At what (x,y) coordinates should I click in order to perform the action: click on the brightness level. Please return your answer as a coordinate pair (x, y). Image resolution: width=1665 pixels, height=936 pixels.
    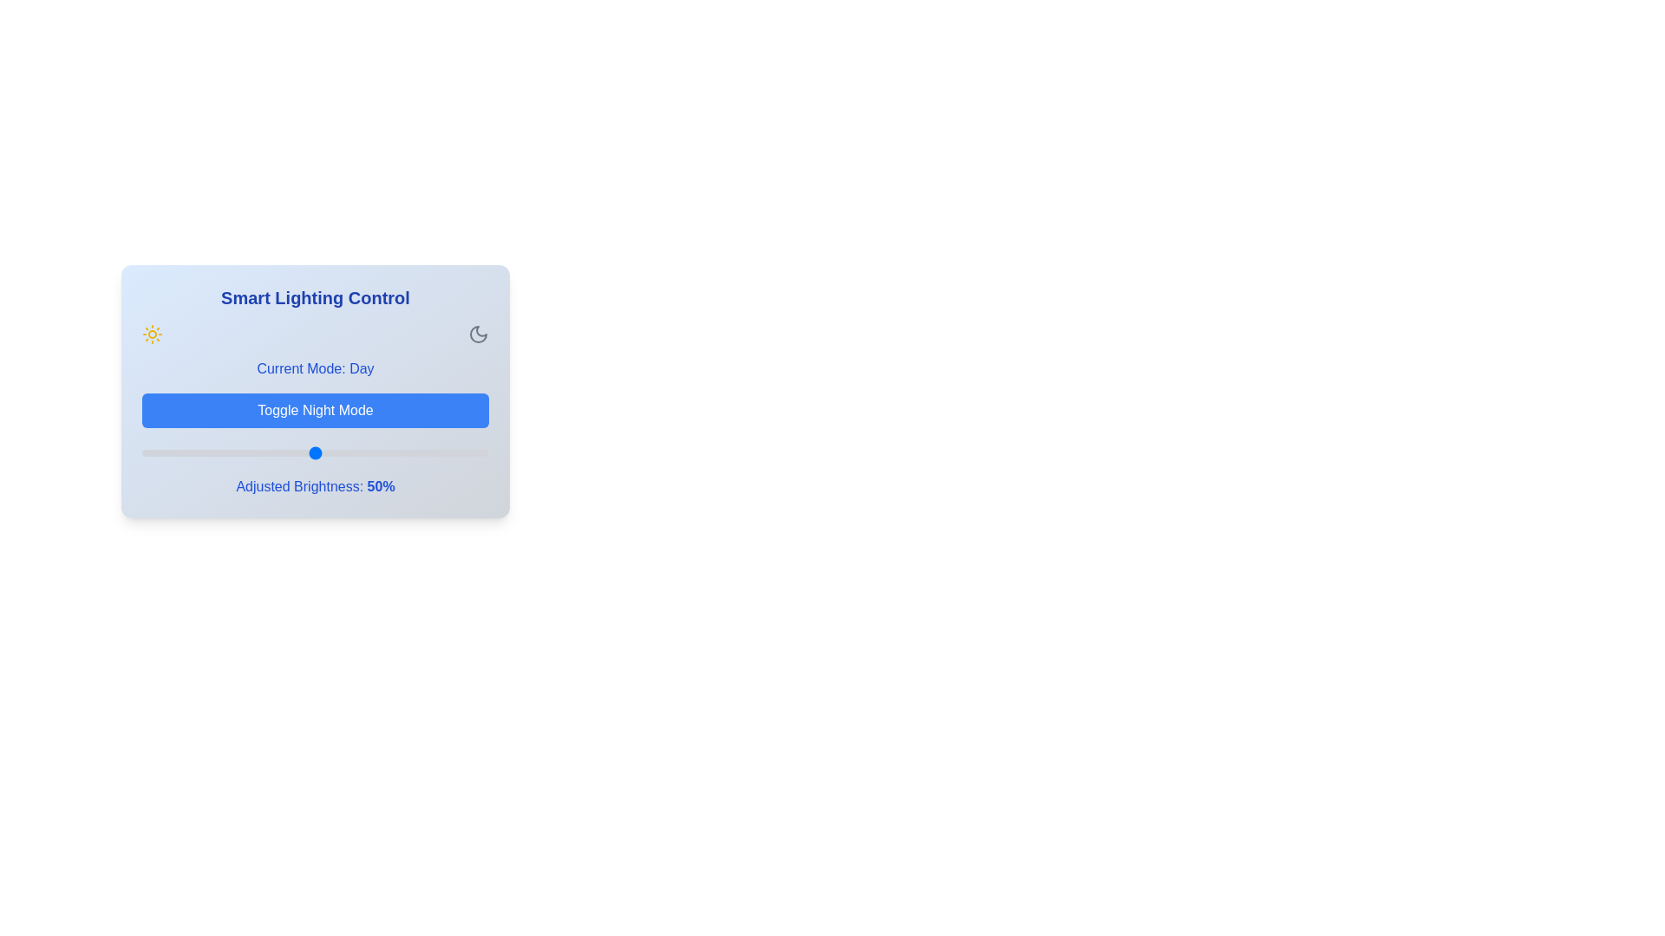
    Looking at the image, I should click on (214, 452).